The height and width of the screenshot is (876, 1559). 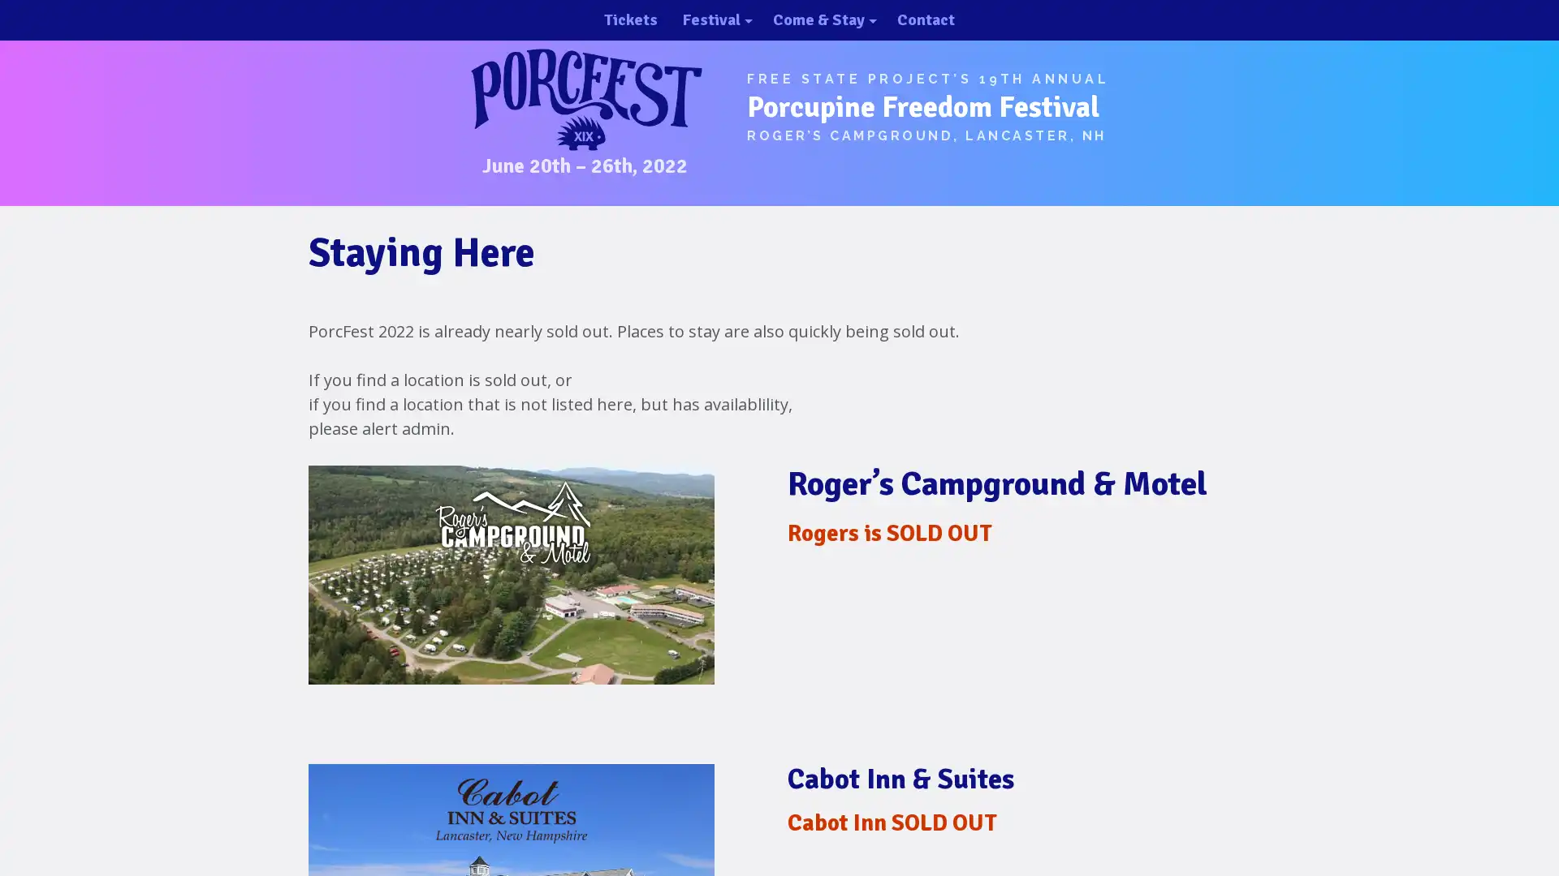 I want to click on close, so click(x=1507, y=65).